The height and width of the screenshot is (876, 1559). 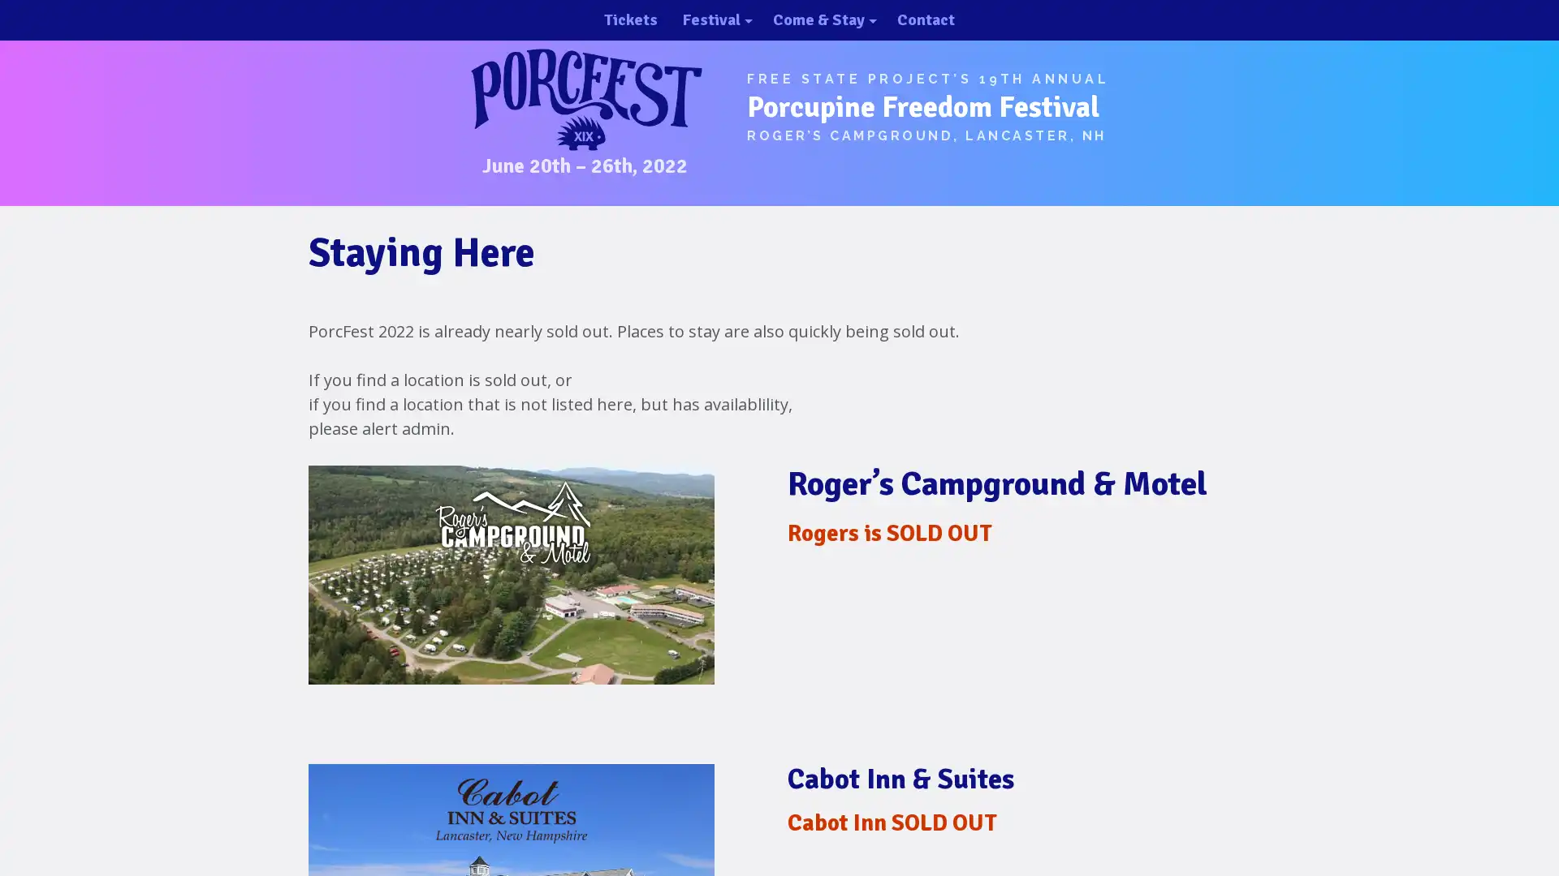 I want to click on close, so click(x=1507, y=65).